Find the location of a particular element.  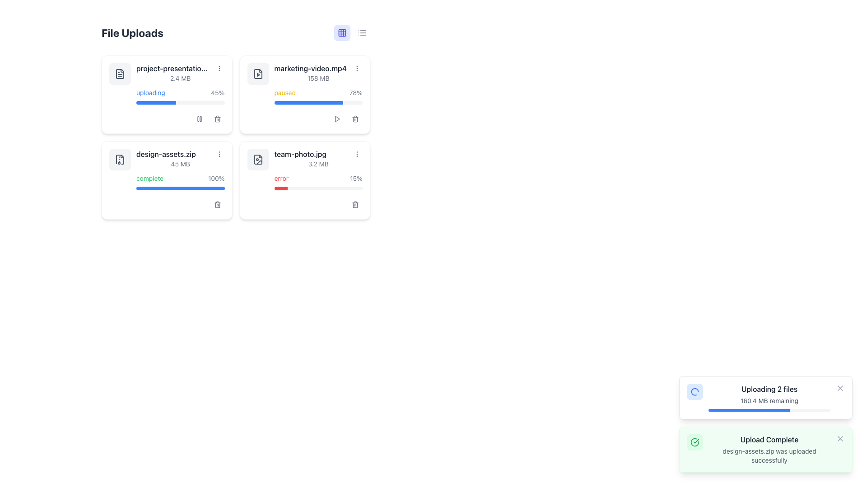

the delete button located in the bottom-right corner of the card representing the file 'marketing-video.mp4' to initiate the deletion process is located at coordinates (355, 118).